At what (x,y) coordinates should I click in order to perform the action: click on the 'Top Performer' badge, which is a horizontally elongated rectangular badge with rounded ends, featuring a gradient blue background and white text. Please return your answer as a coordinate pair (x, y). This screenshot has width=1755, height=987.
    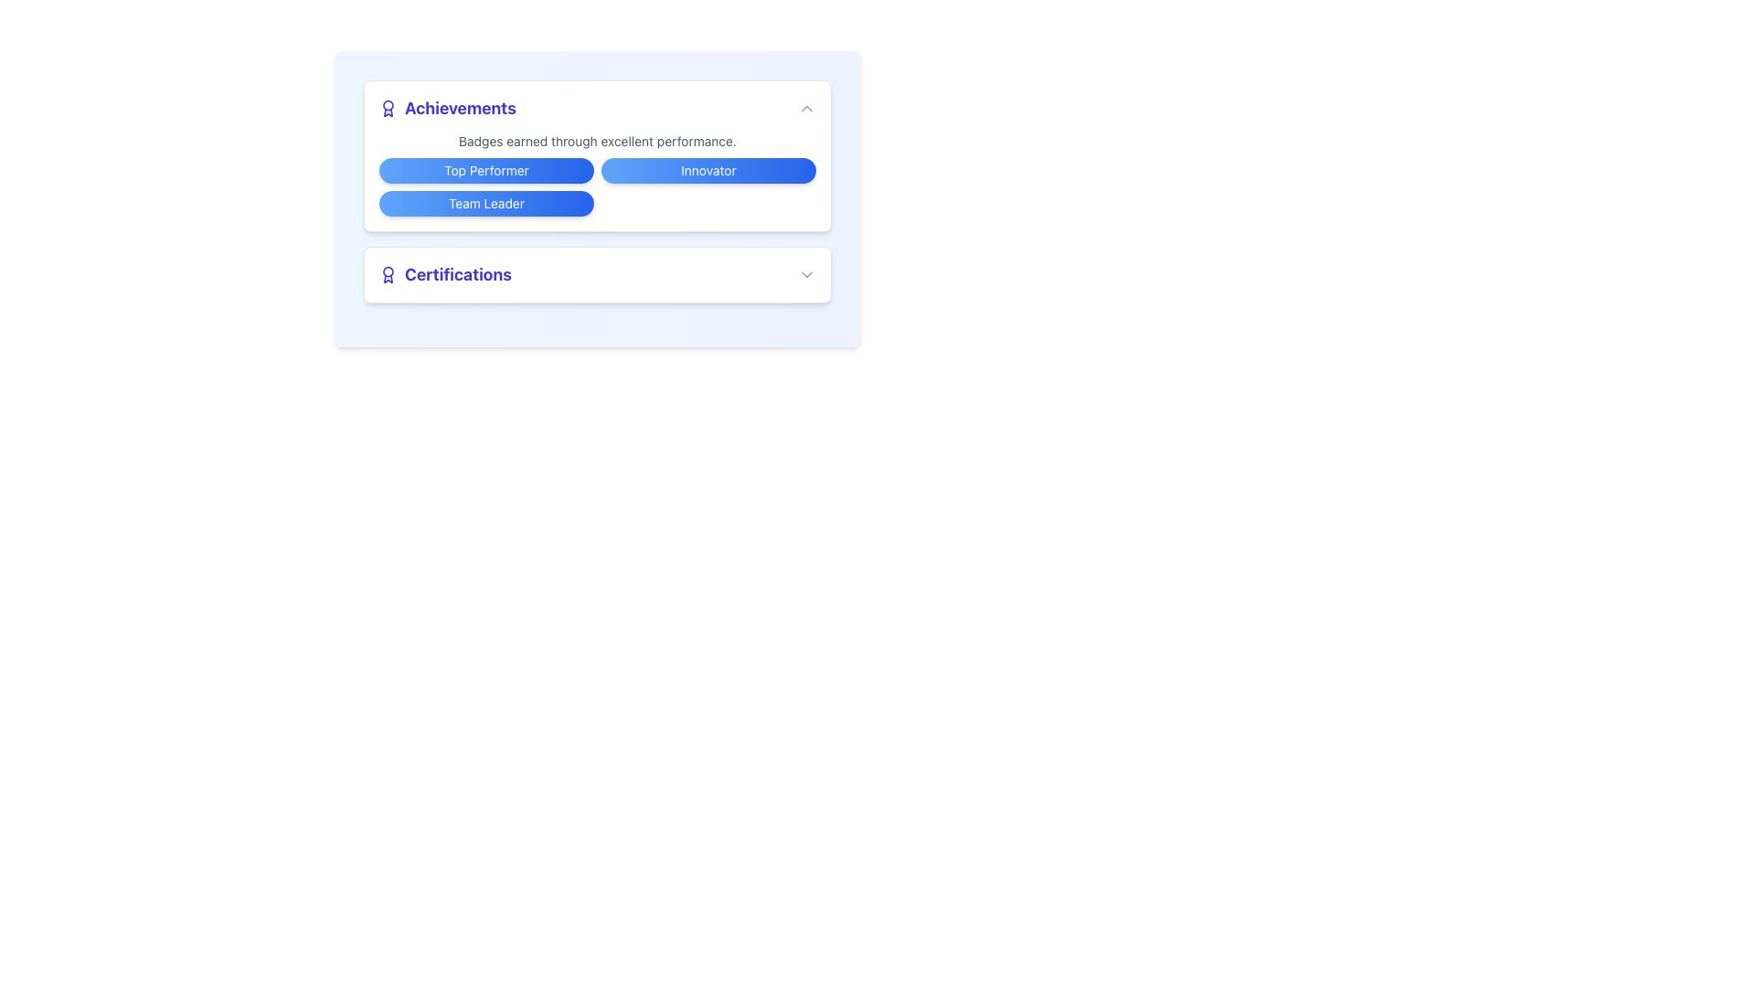
    Looking at the image, I should click on (486, 170).